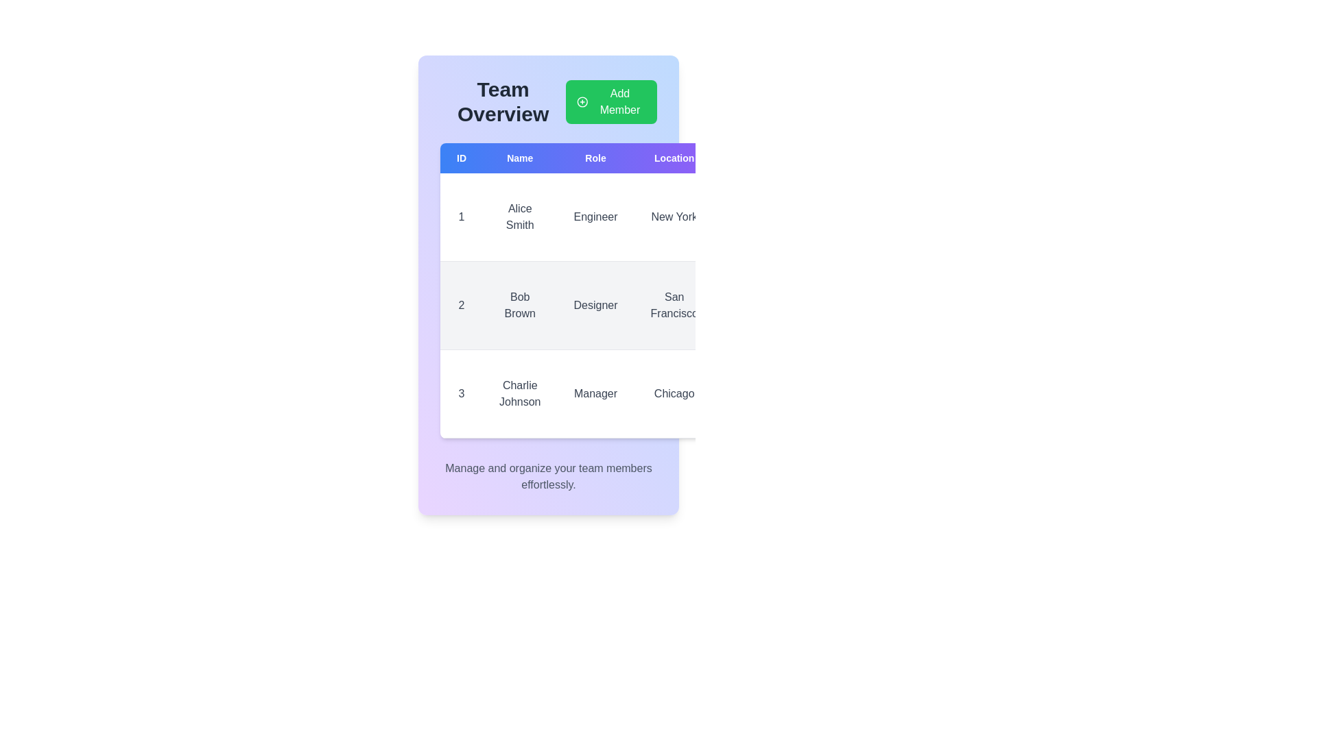 This screenshot has height=740, width=1317. What do you see at coordinates (674, 217) in the screenshot?
I see `the static text field that displays 'New York' in the fourth column of the first row under the 'Location' header` at bounding box center [674, 217].